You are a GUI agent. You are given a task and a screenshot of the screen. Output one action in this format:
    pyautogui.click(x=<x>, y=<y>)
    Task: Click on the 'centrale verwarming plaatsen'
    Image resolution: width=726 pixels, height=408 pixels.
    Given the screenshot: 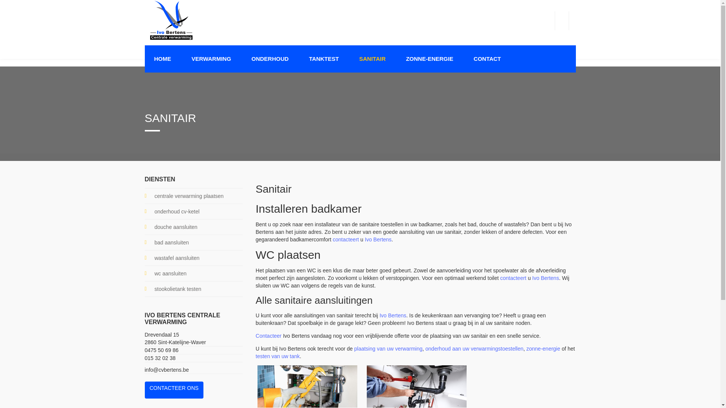 What is the action you would take?
    pyautogui.click(x=193, y=196)
    